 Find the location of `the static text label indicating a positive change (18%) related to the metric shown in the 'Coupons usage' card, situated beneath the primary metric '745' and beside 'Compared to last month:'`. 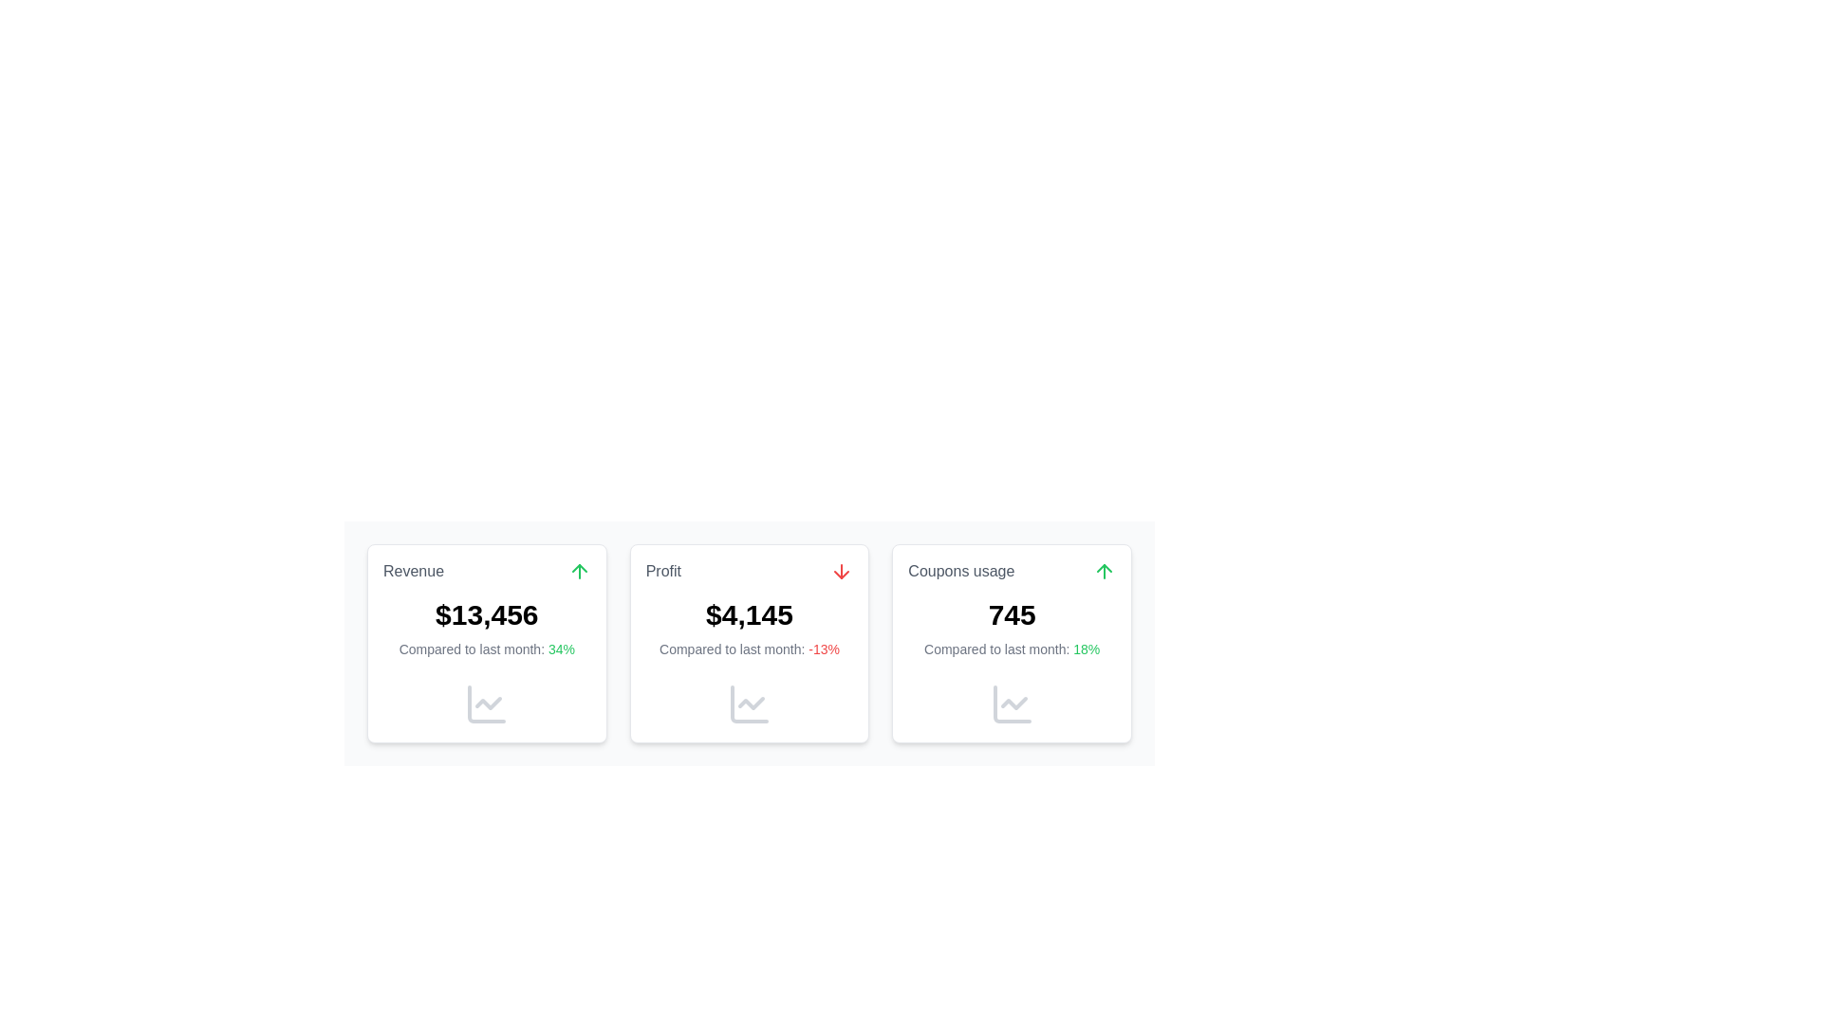

the static text label indicating a positive change (18%) related to the metric shown in the 'Coupons usage' card, situated beneath the primary metric '745' and beside 'Compared to last month:' is located at coordinates (1087, 649).